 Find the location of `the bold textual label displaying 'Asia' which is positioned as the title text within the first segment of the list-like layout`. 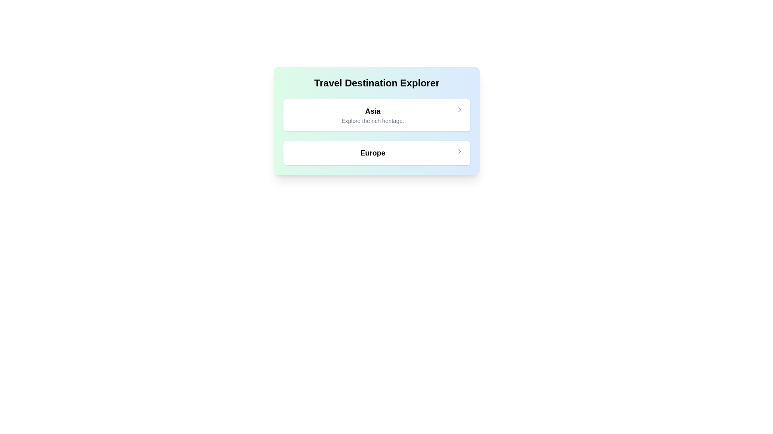

the bold textual label displaying 'Asia' which is positioned as the title text within the first segment of the list-like layout is located at coordinates (372, 111).